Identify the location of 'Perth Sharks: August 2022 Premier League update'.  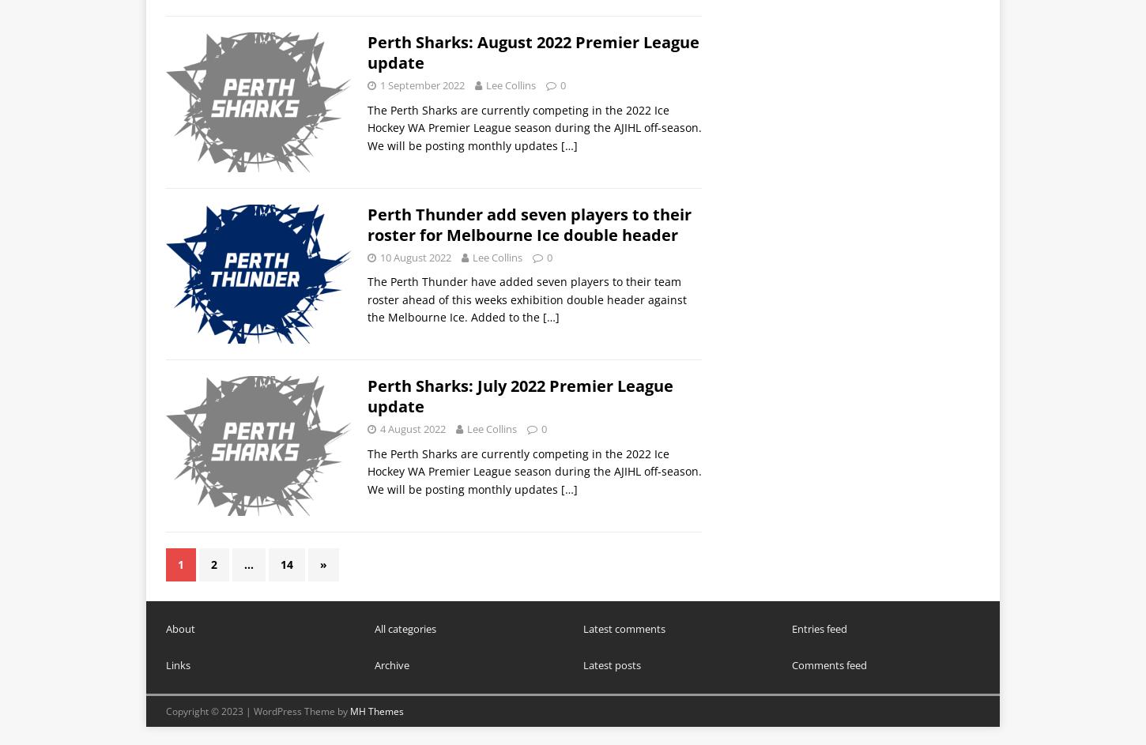
(367, 51).